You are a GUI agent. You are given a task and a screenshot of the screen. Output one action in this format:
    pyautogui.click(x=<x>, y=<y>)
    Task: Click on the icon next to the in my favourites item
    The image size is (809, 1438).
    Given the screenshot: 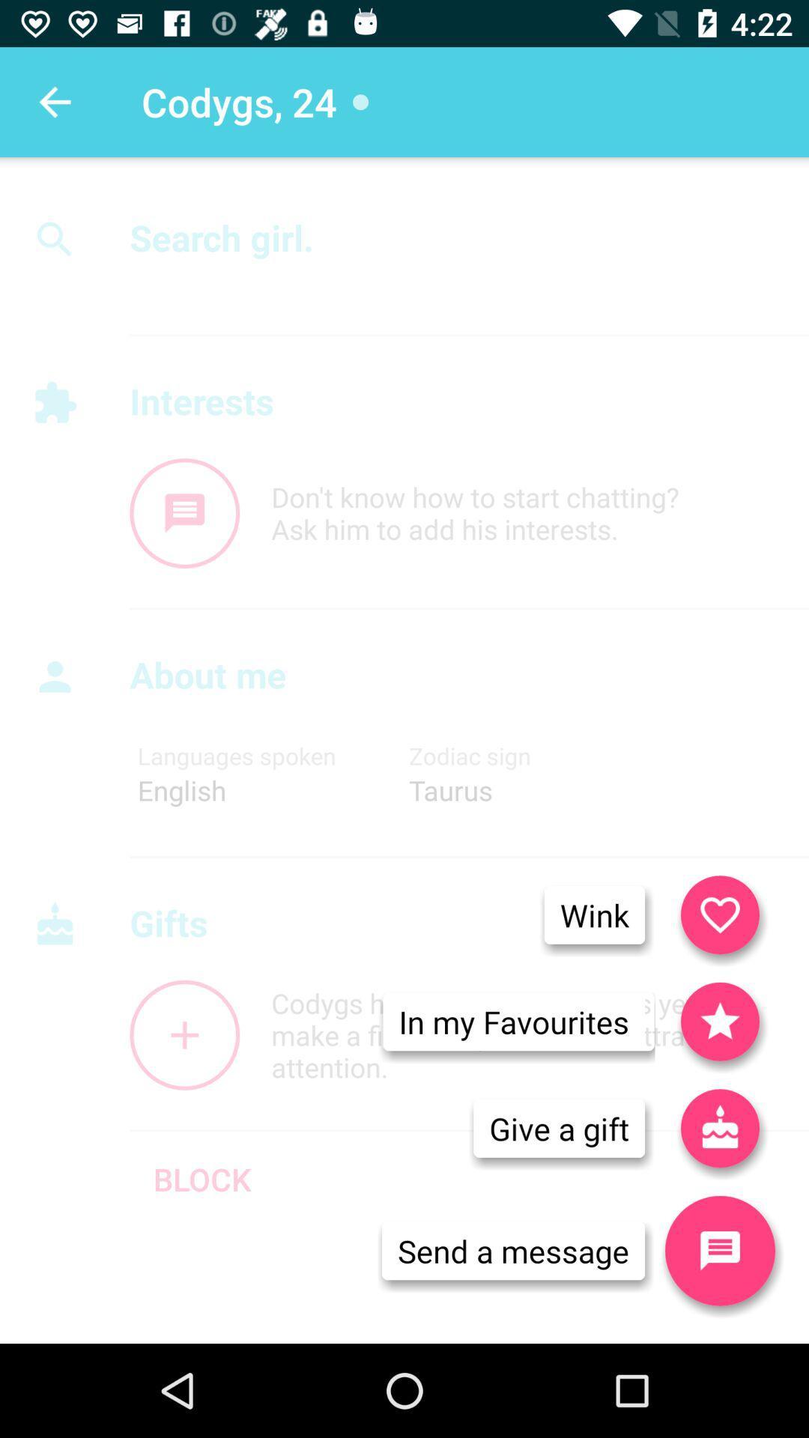 What is the action you would take?
    pyautogui.click(x=719, y=1128)
    